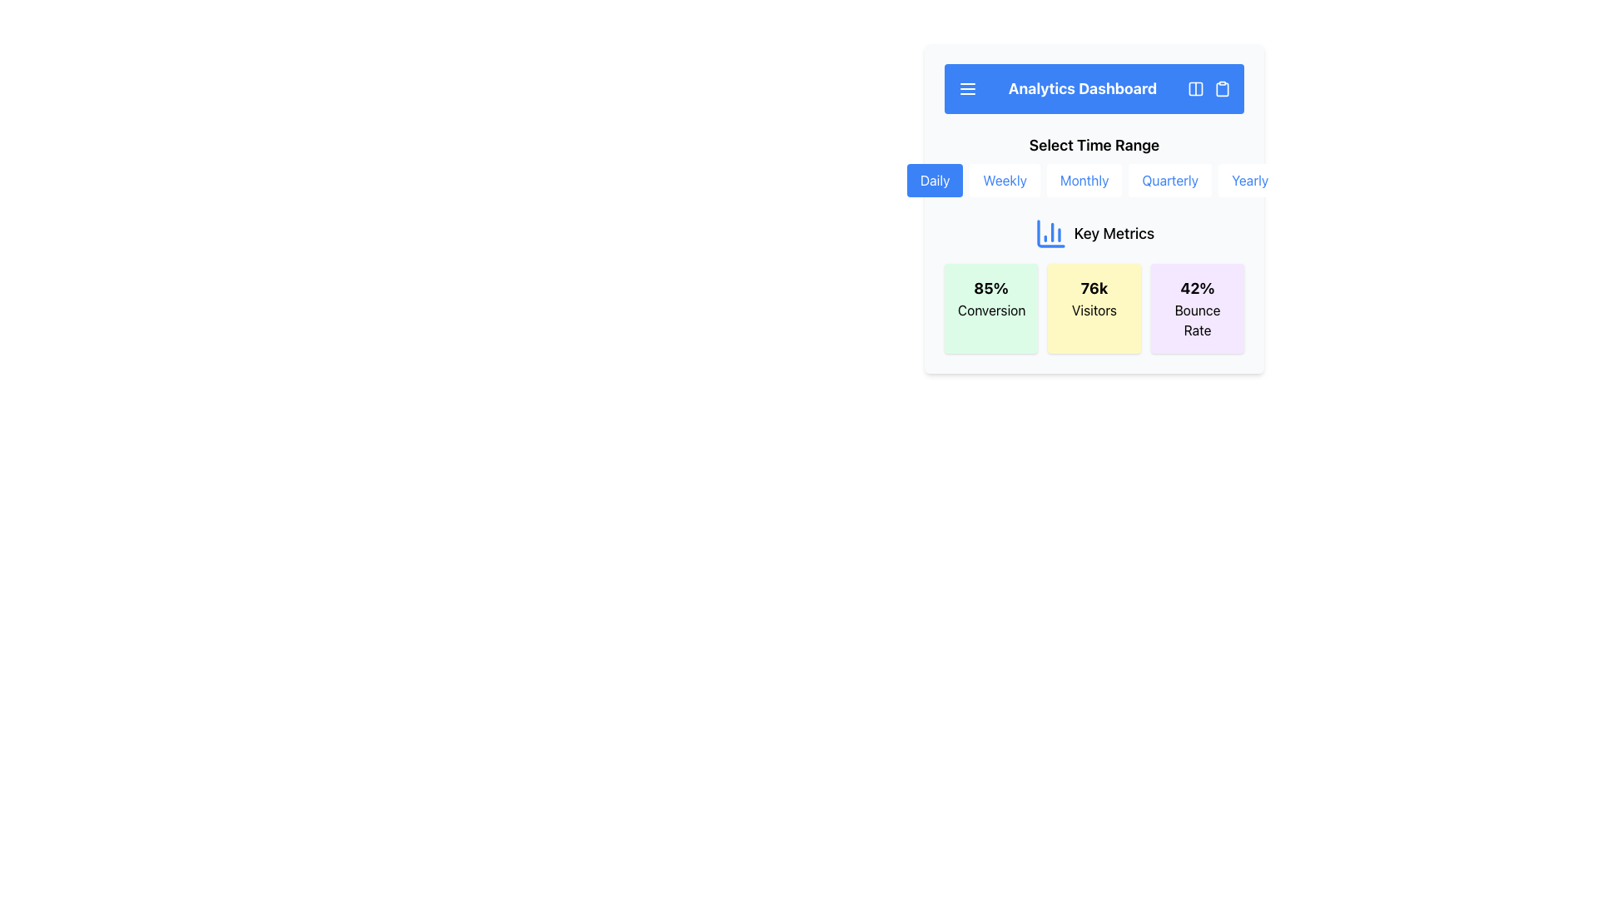  What do you see at coordinates (1169, 180) in the screenshot?
I see `the 'Quarterly' button, which is a rectangular button with rounded corners and blue text on a white background, located under the heading 'Select Time Range'` at bounding box center [1169, 180].